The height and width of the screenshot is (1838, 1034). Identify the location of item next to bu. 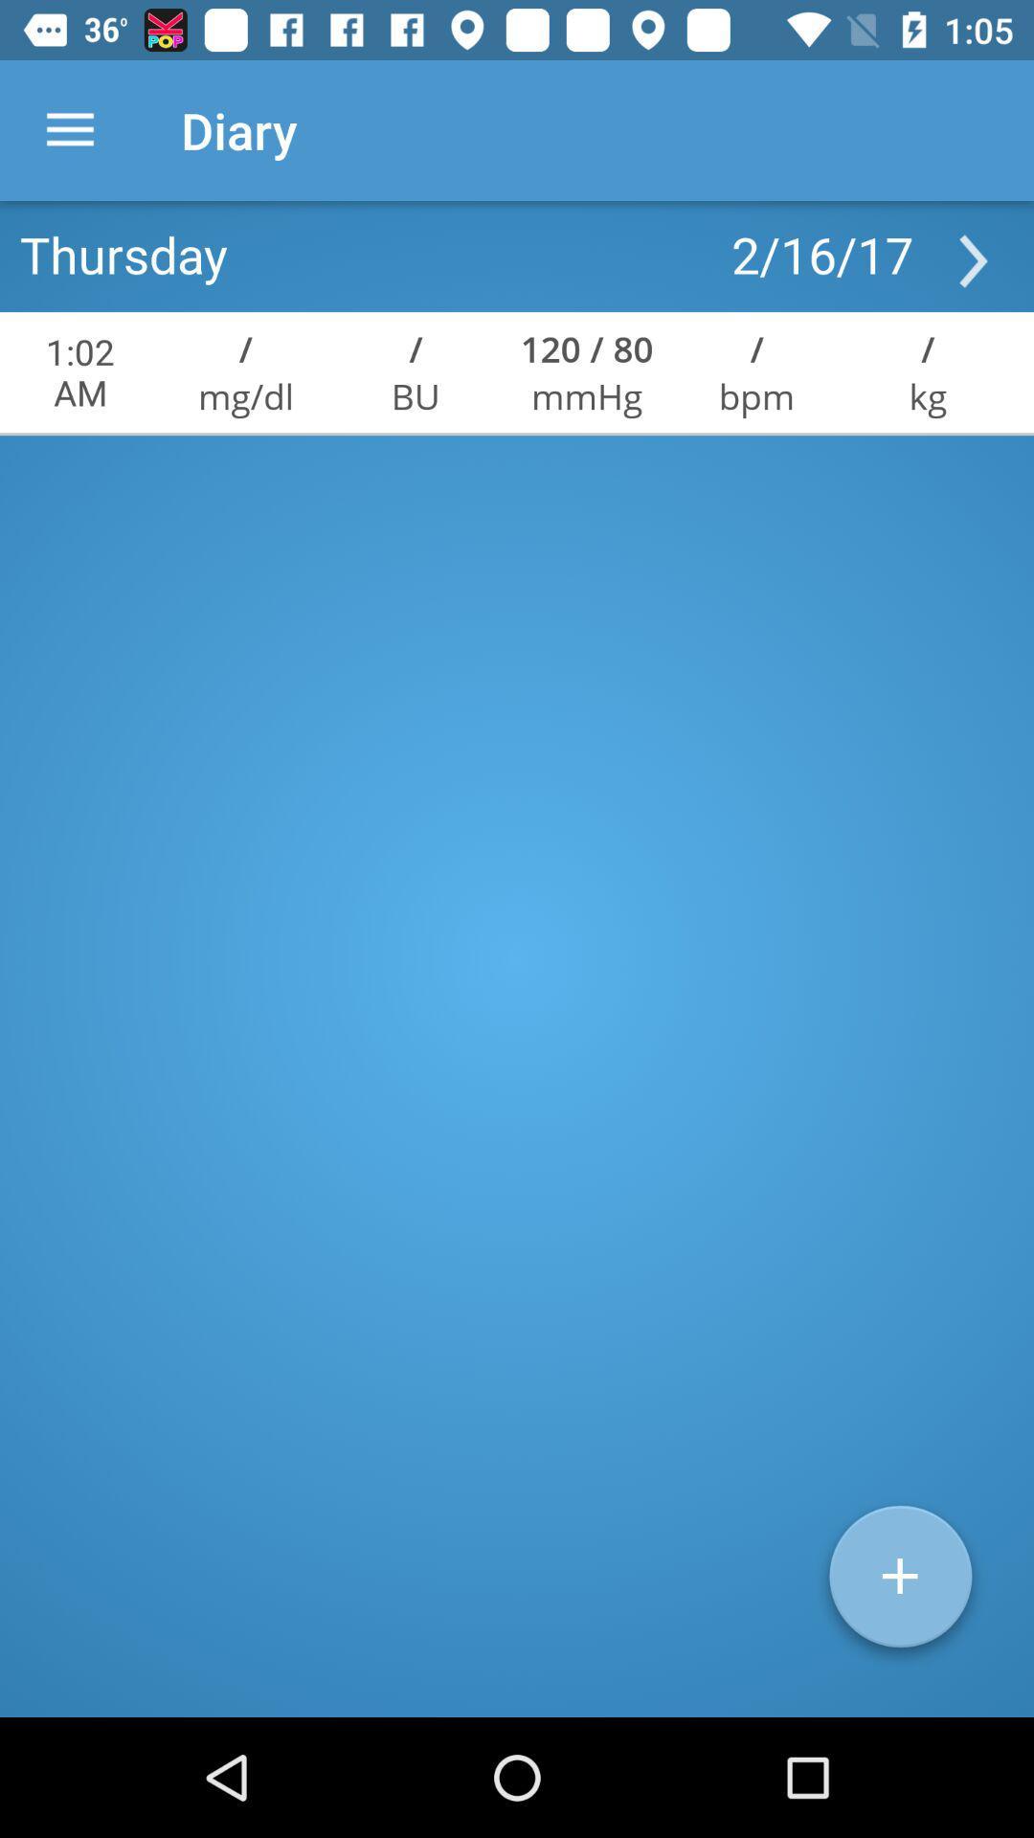
(586, 394).